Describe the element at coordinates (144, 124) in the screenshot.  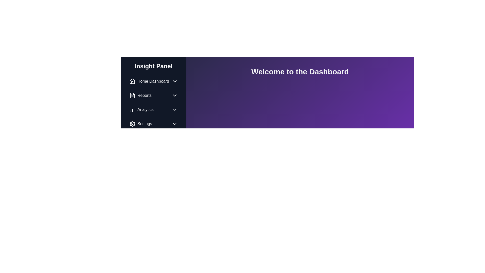
I see `the 'Settings' text label in the left navigation panel` at that location.